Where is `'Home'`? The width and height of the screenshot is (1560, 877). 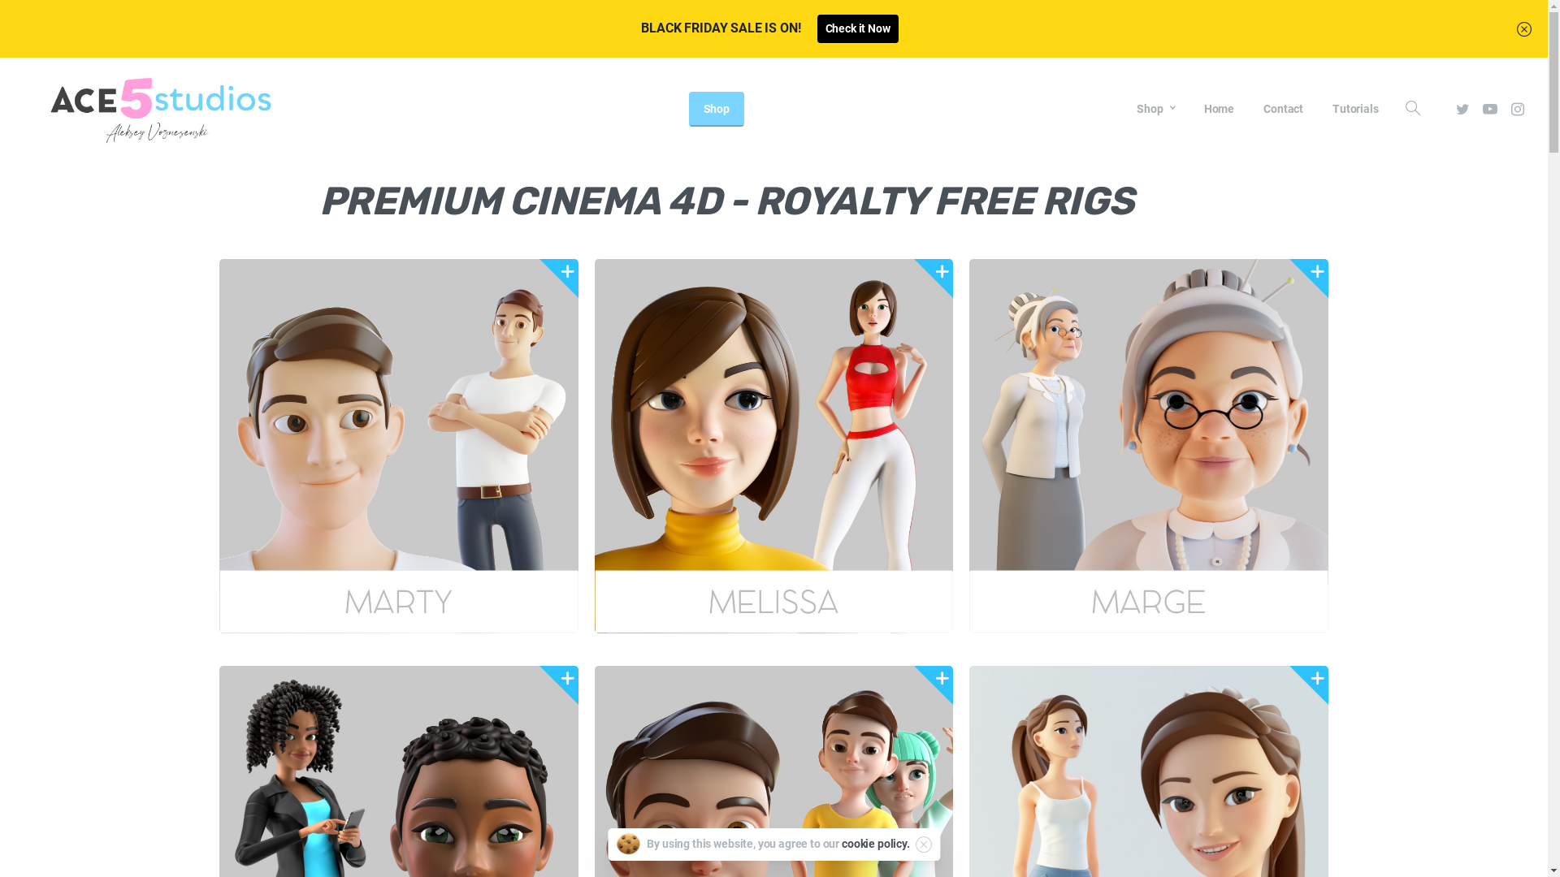
'Home' is located at coordinates (1197, 109).